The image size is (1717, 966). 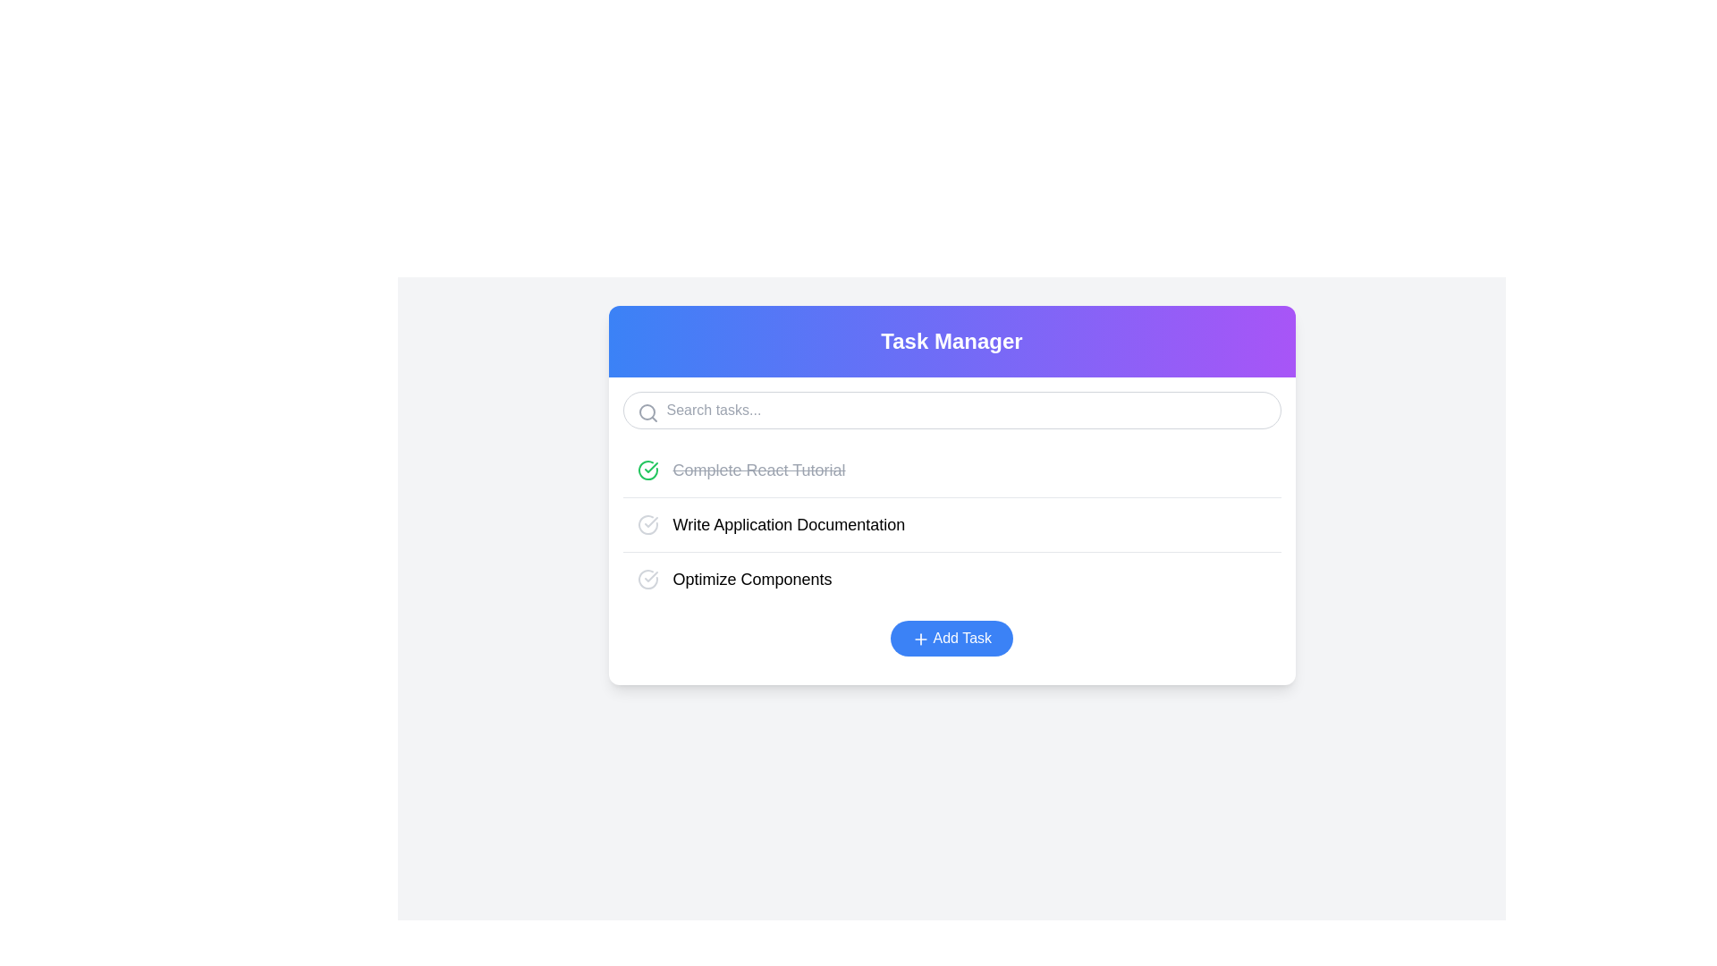 What do you see at coordinates (741, 469) in the screenshot?
I see `the strikethrough text label 'Complete React Tutorial' with the associated green check icon` at bounding box center [741, 469].